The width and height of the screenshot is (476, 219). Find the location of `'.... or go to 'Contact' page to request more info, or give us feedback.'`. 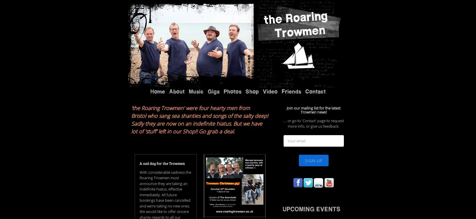

'.... or go to 'Contact' page to request more info, or give us feedback.' is located at coordinates (314, 52).